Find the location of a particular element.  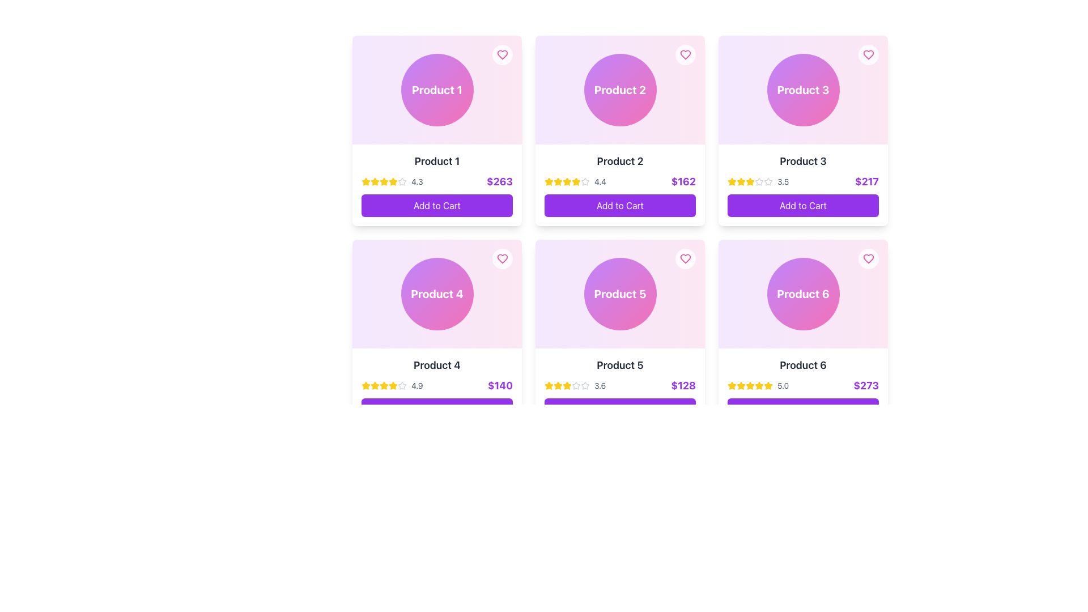

the first star icon in the rating system for 'Product 4', which is displayed in the second row of the grid layout is located at coordinates (366, 385).